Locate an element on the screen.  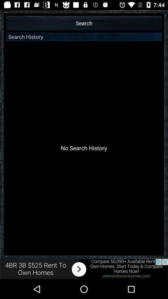
click on the advertisement is located at coordinates (84, 269).